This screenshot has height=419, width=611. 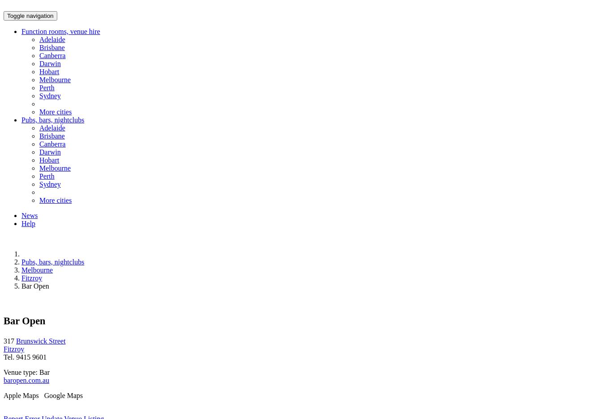 What do you see at coordinates (26, 372) in the screenshot?
I see `'Venue type: Bar'` at bounding box center [26, 372].